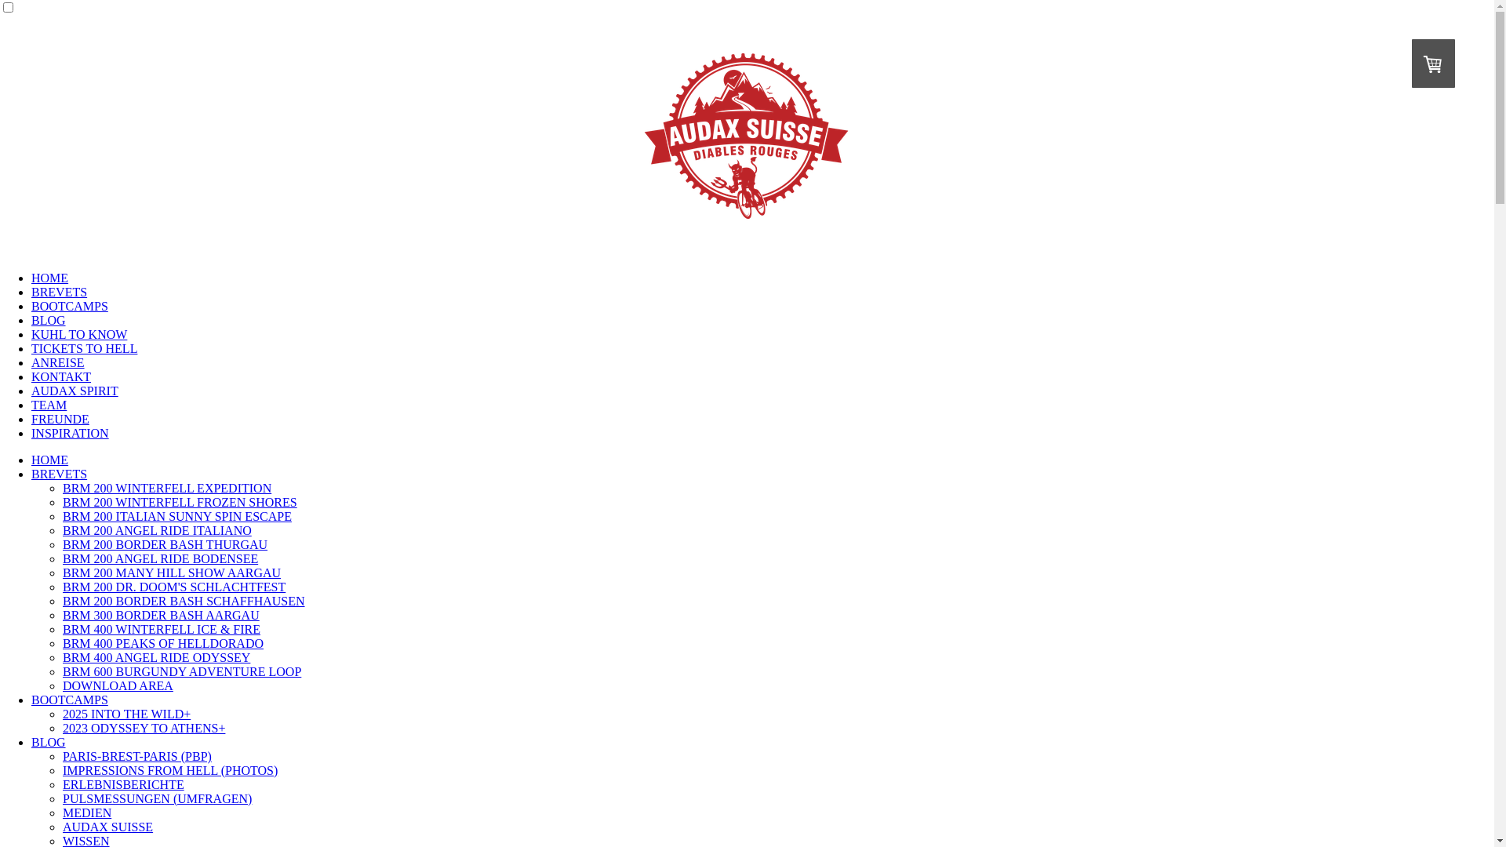  I want to click on 'HOME', so click(49, 459).